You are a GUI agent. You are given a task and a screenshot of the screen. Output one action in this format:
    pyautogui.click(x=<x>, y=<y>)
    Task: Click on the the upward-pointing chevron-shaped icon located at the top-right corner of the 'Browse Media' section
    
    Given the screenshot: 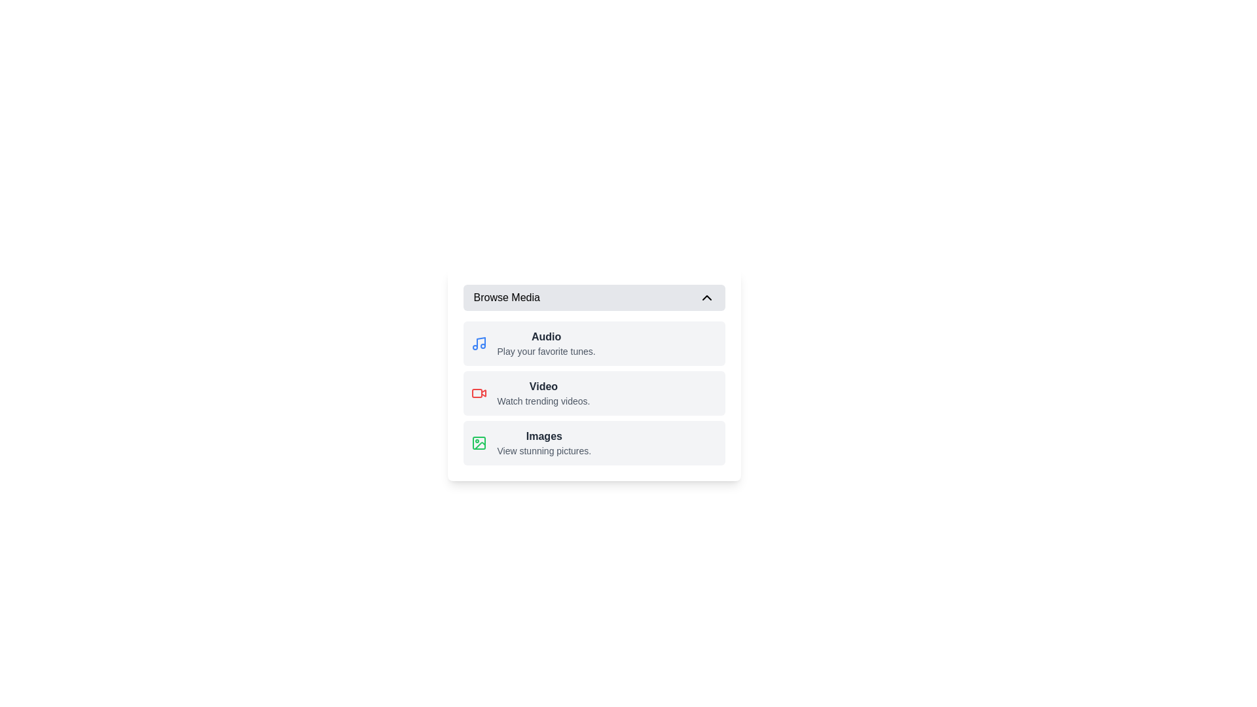 What is the action you would take?
    pyautogui.click(x=706, y=298)
    